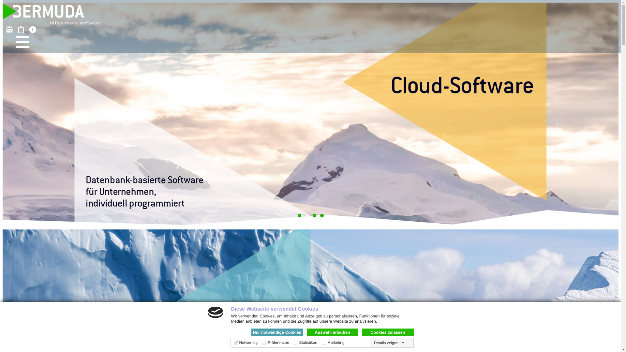 The height and width of the screenshot is (352, 626). I want to click on '2', so click(305, 215).